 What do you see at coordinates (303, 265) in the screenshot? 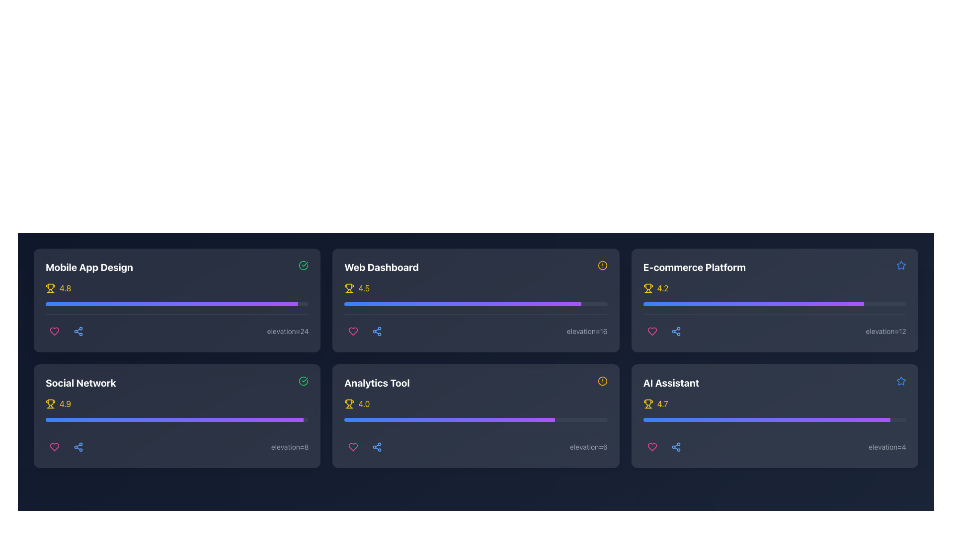
I see `the status icon in the top-right corner of the 'Mobile App Design' card` at bounding box center [303, 265].